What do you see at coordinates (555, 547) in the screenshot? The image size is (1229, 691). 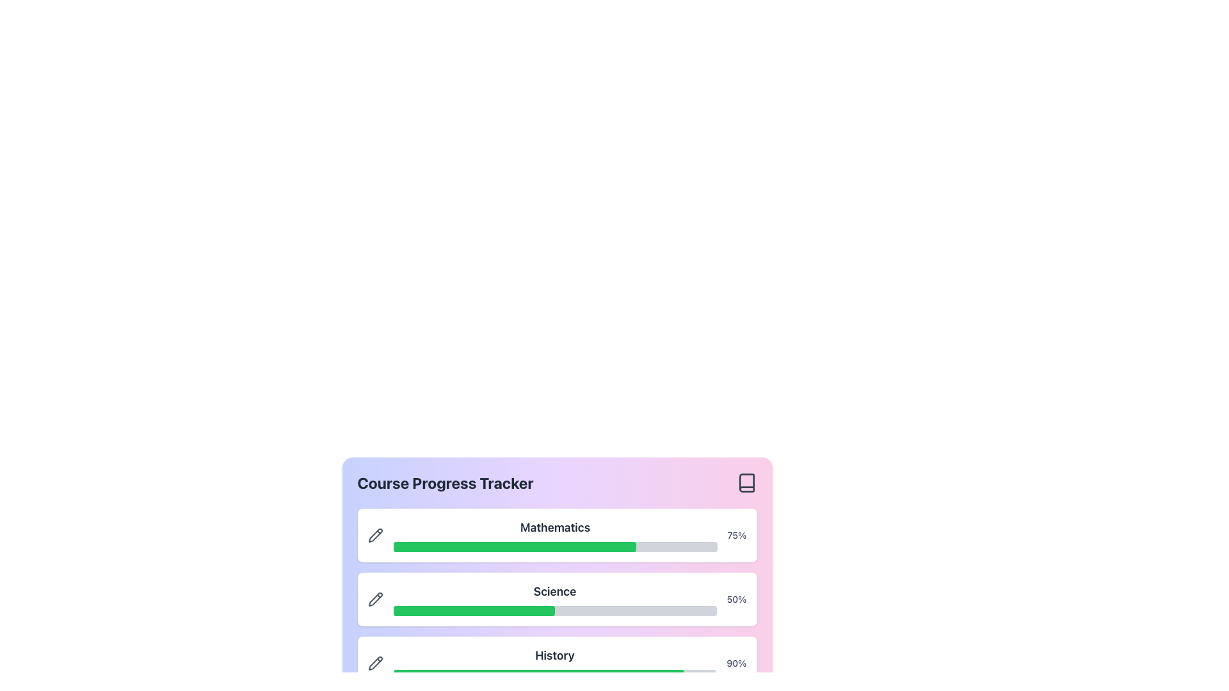 I see `the visual representation of progress on the Progress bar indicating 75% completion for the course 'Mathematics', located below the 'Mathematics' label` at bounding box center [555, 547].